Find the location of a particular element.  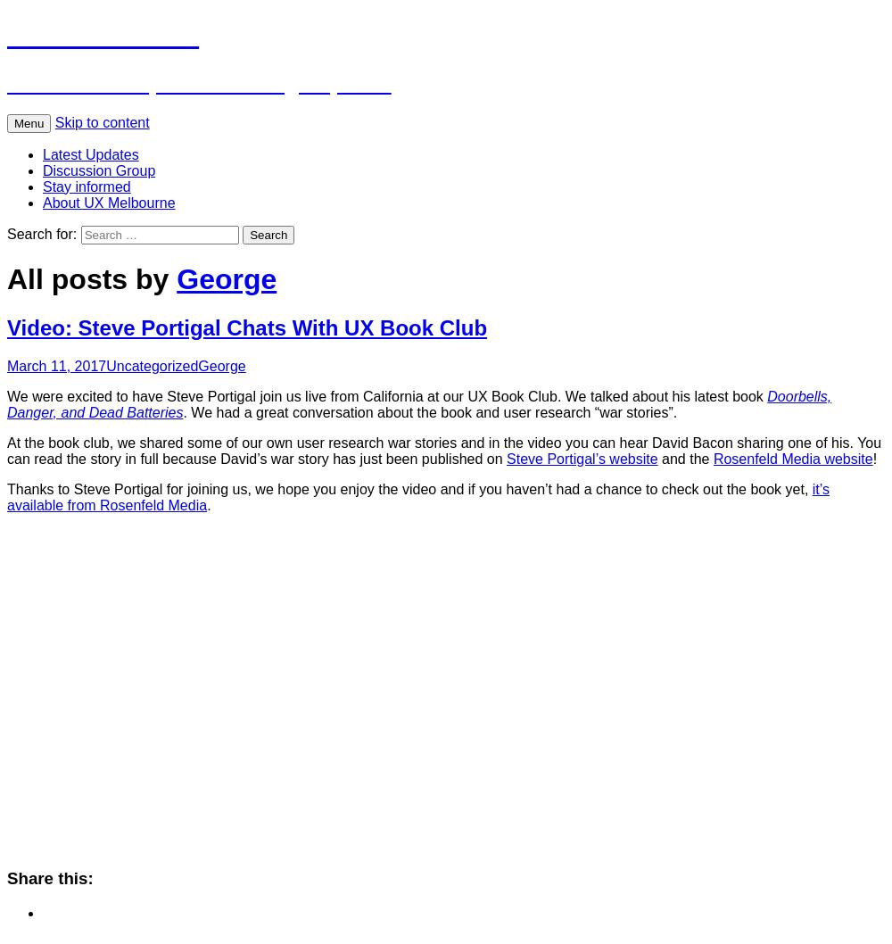

'Uncategorized' is located at coordinates (152, 365).